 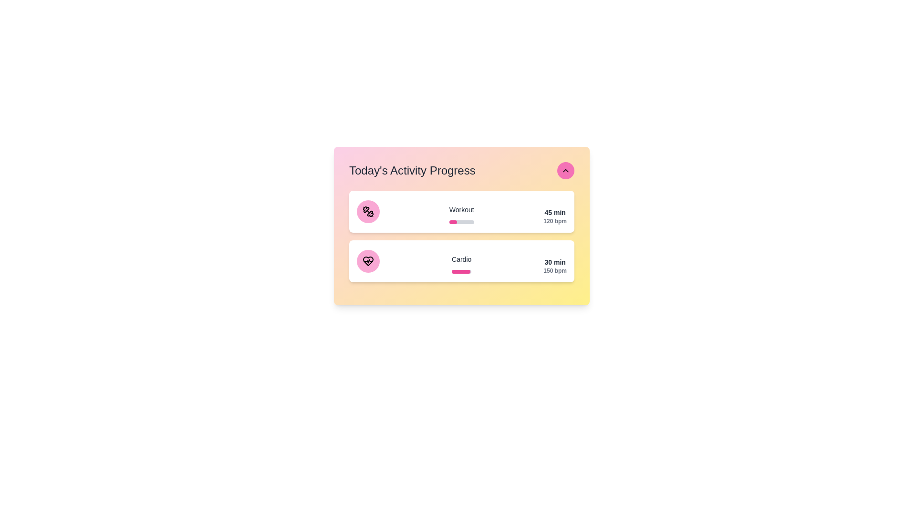 I want to click on the progress bar that visually represents the completion percentage of the 'Workout' activity, located directly below the text 'Workout', so click(x=461, y=222).